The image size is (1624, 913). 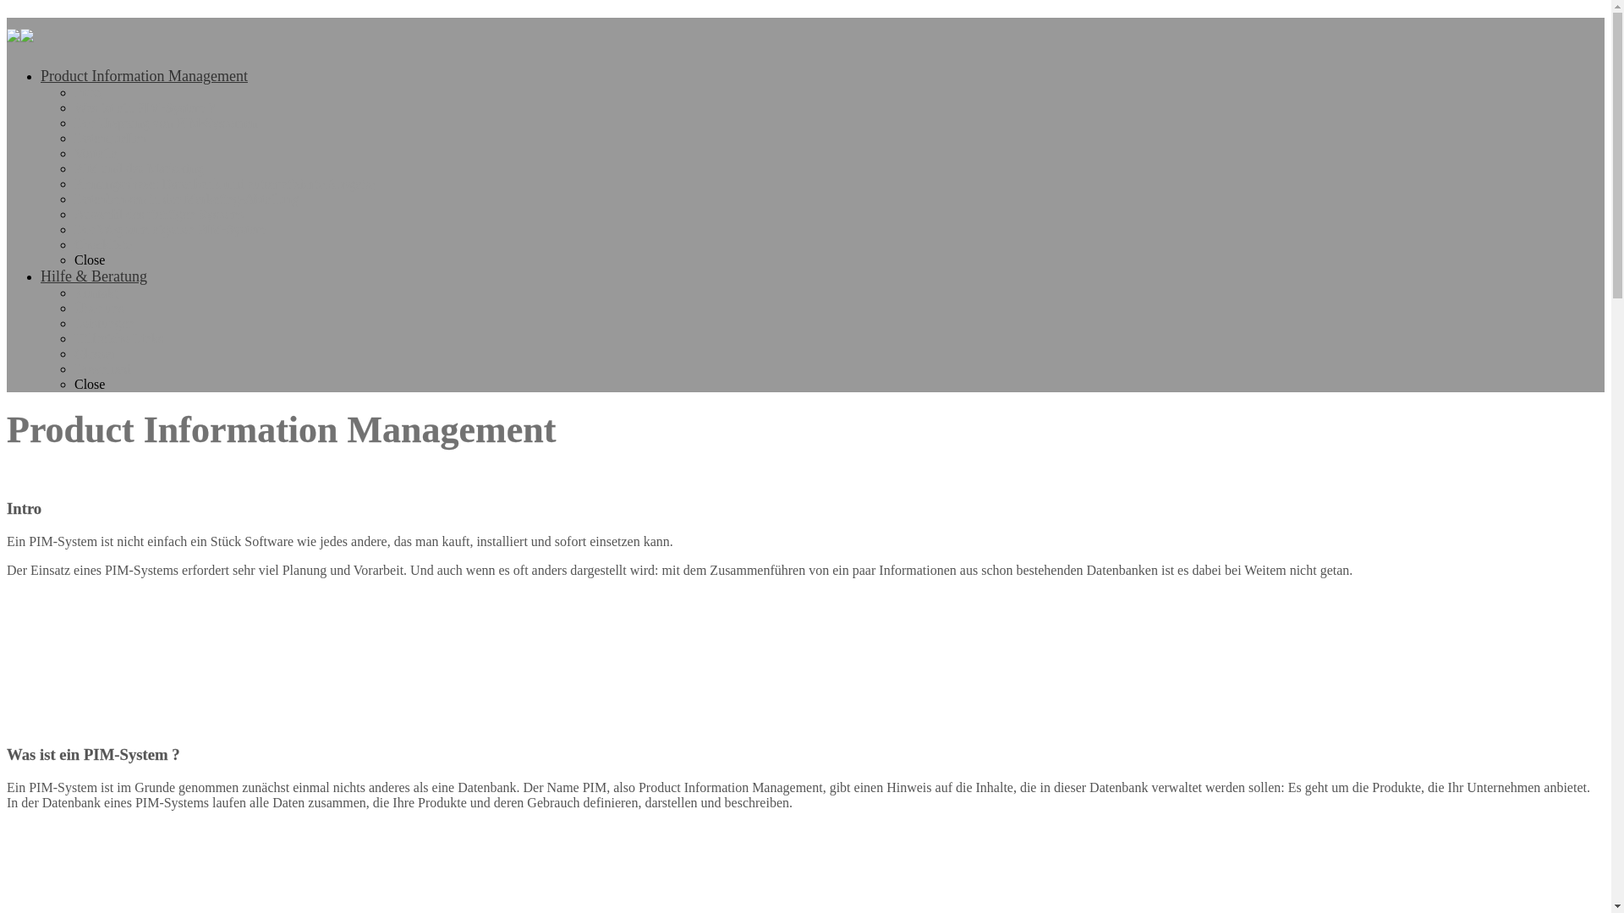 What do you see at coordinates (7, 32) in the screenshot?
I see `'pim'` at bounding box center [7, 32].